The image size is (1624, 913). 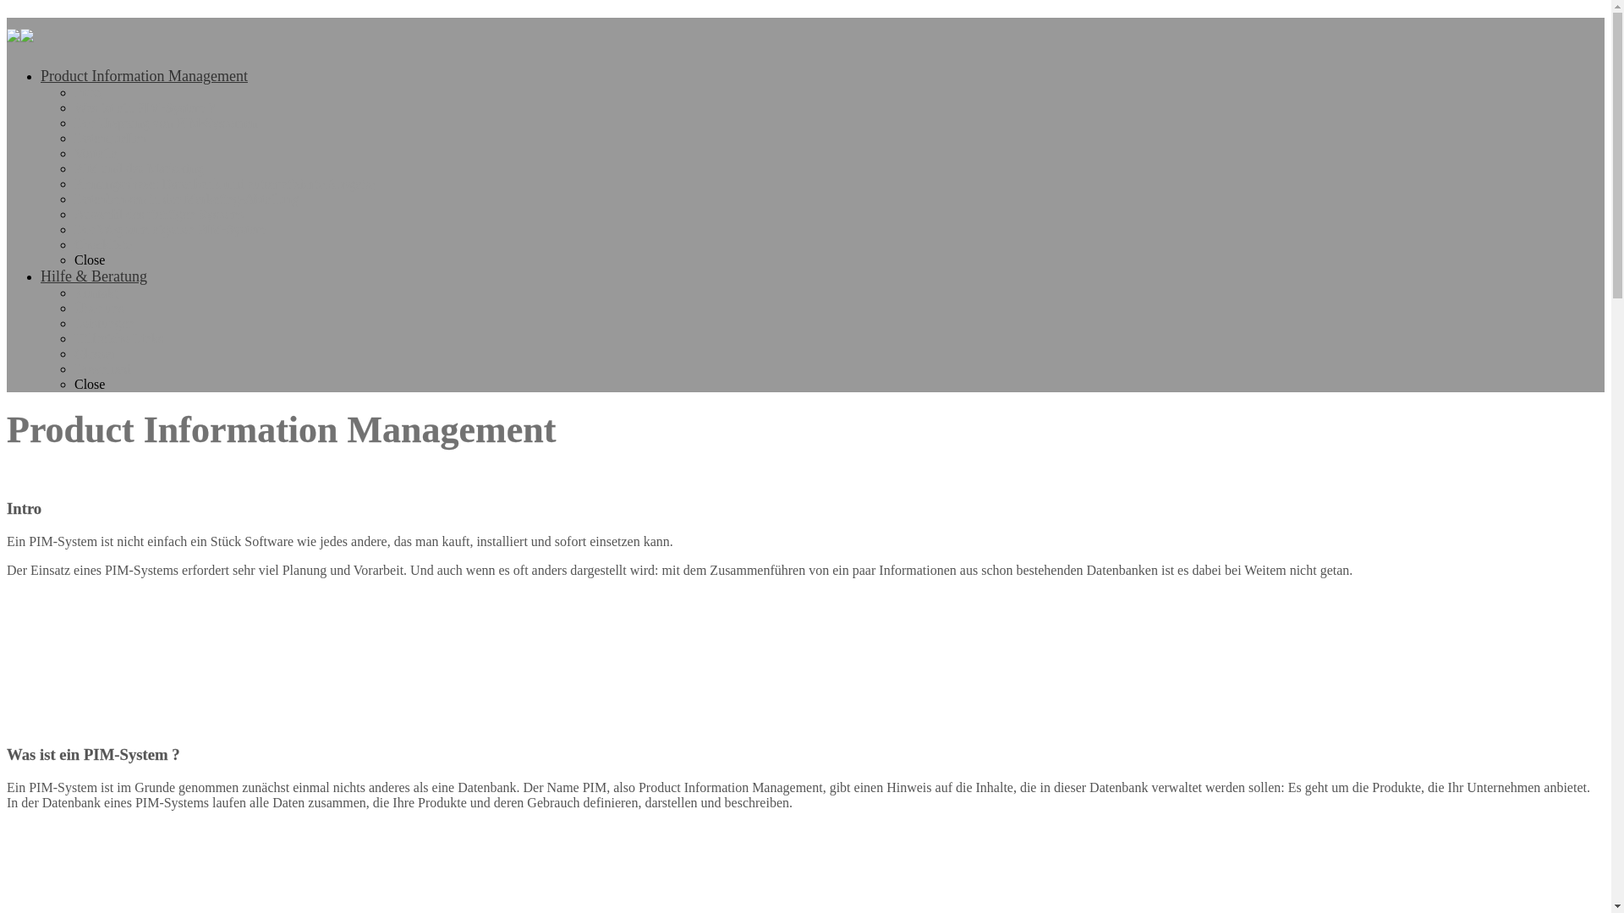 What do you see at coordinates (7, 32) in the screenshot?
I see `'pim'` at bounding box center [7, 32].